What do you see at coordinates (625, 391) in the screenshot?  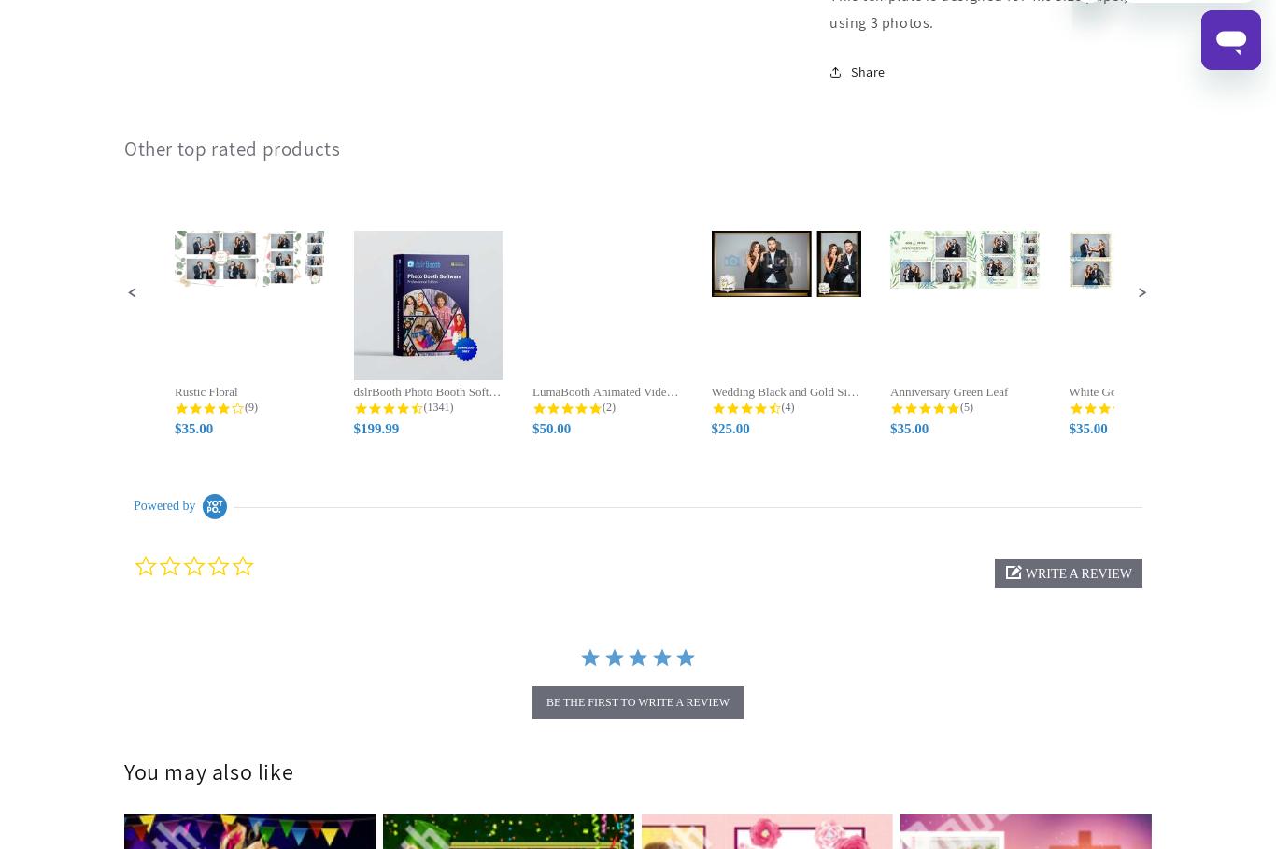 I see `'LumaBooth Animated Video Overlays'` at bounding box center [625, 391].